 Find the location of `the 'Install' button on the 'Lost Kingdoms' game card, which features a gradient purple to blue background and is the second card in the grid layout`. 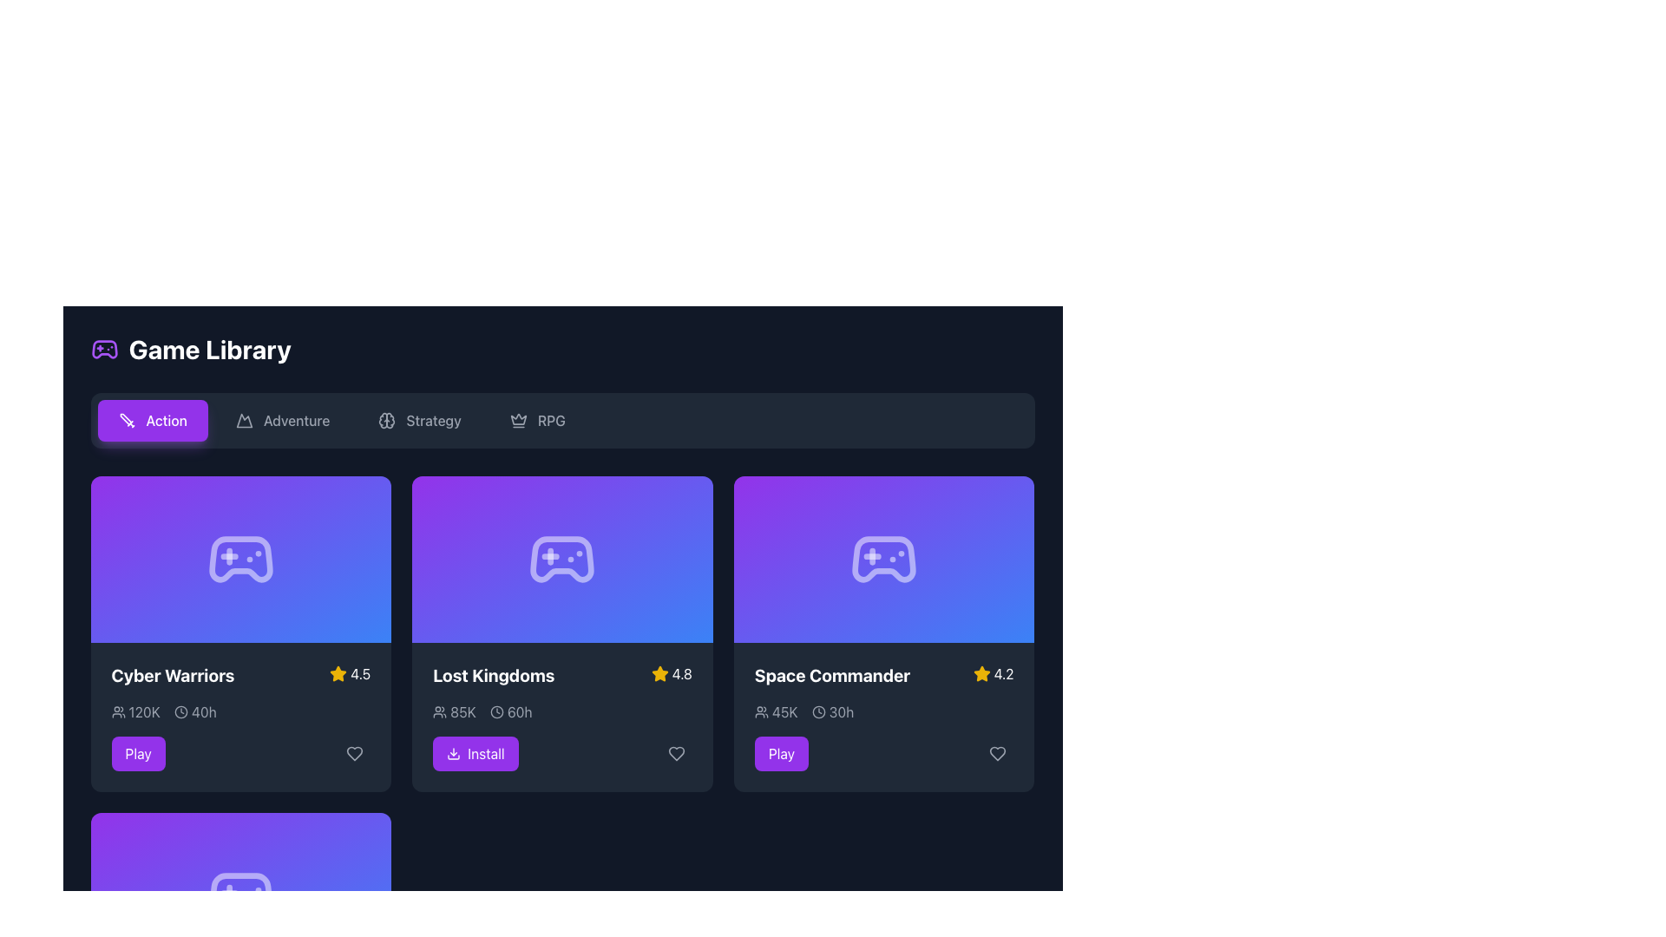

the 'Install' button on the 'Lost Kingdoms' game card, which features a gradient purple to blue background and is the second card in the grid layout is located at coordinates (562, 634).